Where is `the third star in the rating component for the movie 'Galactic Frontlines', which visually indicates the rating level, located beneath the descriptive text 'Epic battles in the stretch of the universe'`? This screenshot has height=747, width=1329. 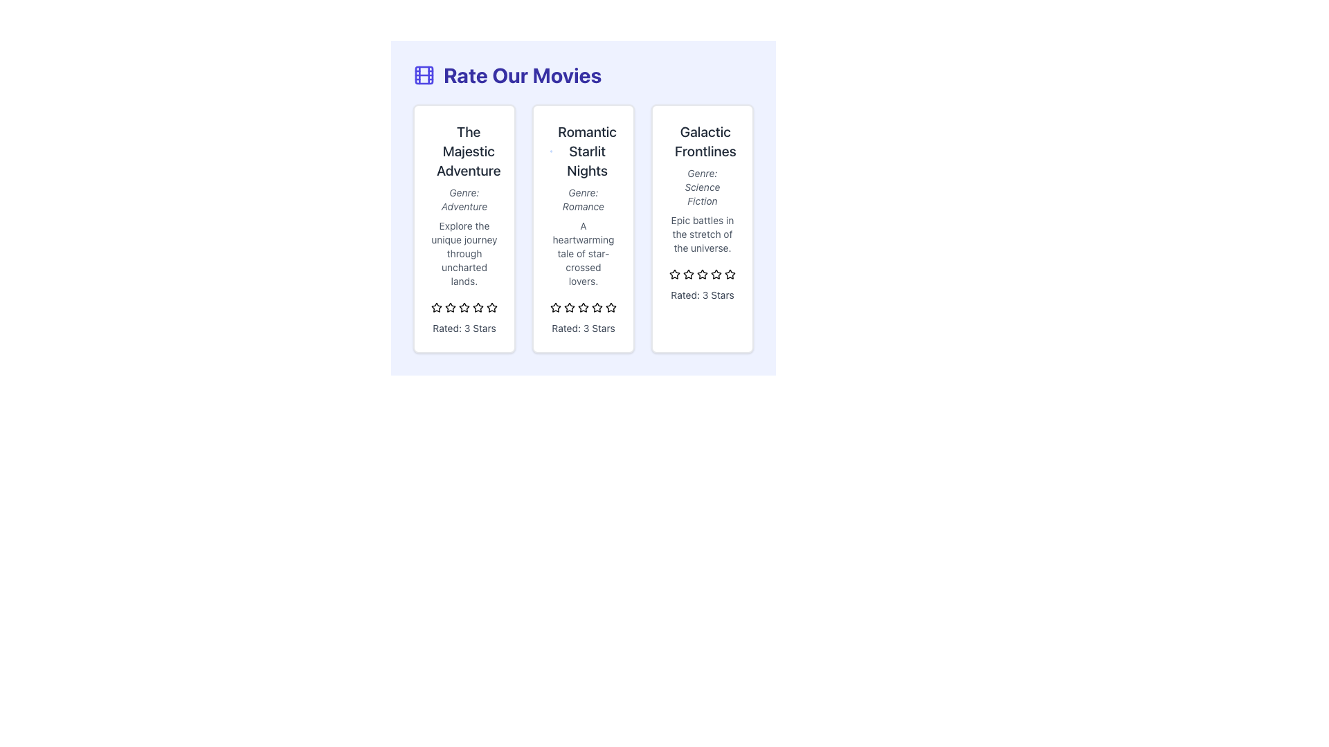
the third star in the rating component for the movie 'Galactic Frontlines', which visually indicates the rating level, located beneath the descriptive text 'Epic battles in the stretch of the universe' is located at coordinates (702, 275).